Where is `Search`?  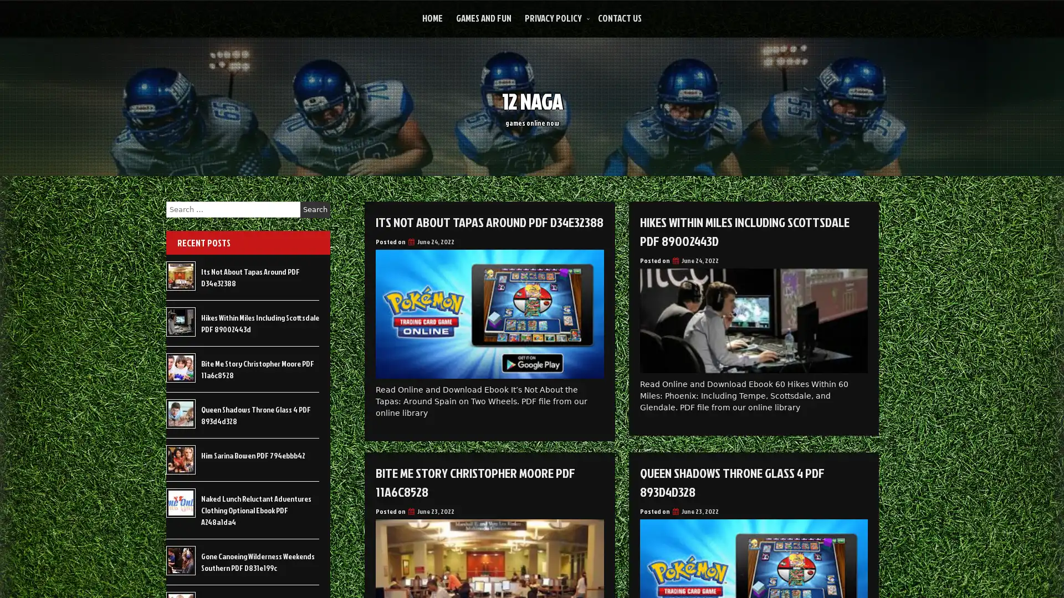 Search is located at coordinates (315, 209).